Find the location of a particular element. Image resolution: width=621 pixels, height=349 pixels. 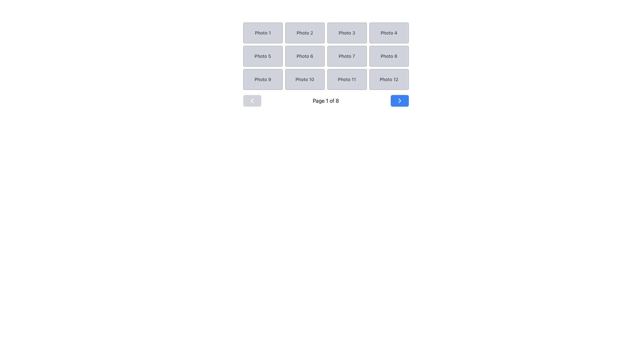

the chevron icon located at the right side of the blue button in the bottom right corner is located at coordinates (399, 101).